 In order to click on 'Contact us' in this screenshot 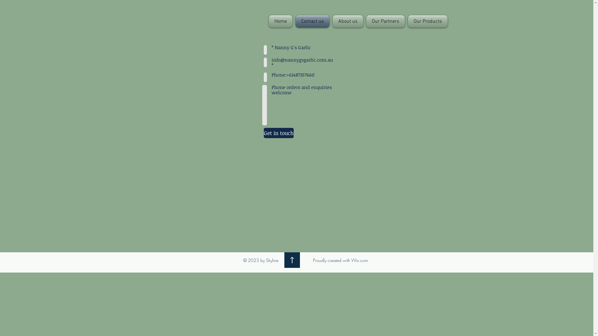, I will do `click(312, 21)`.